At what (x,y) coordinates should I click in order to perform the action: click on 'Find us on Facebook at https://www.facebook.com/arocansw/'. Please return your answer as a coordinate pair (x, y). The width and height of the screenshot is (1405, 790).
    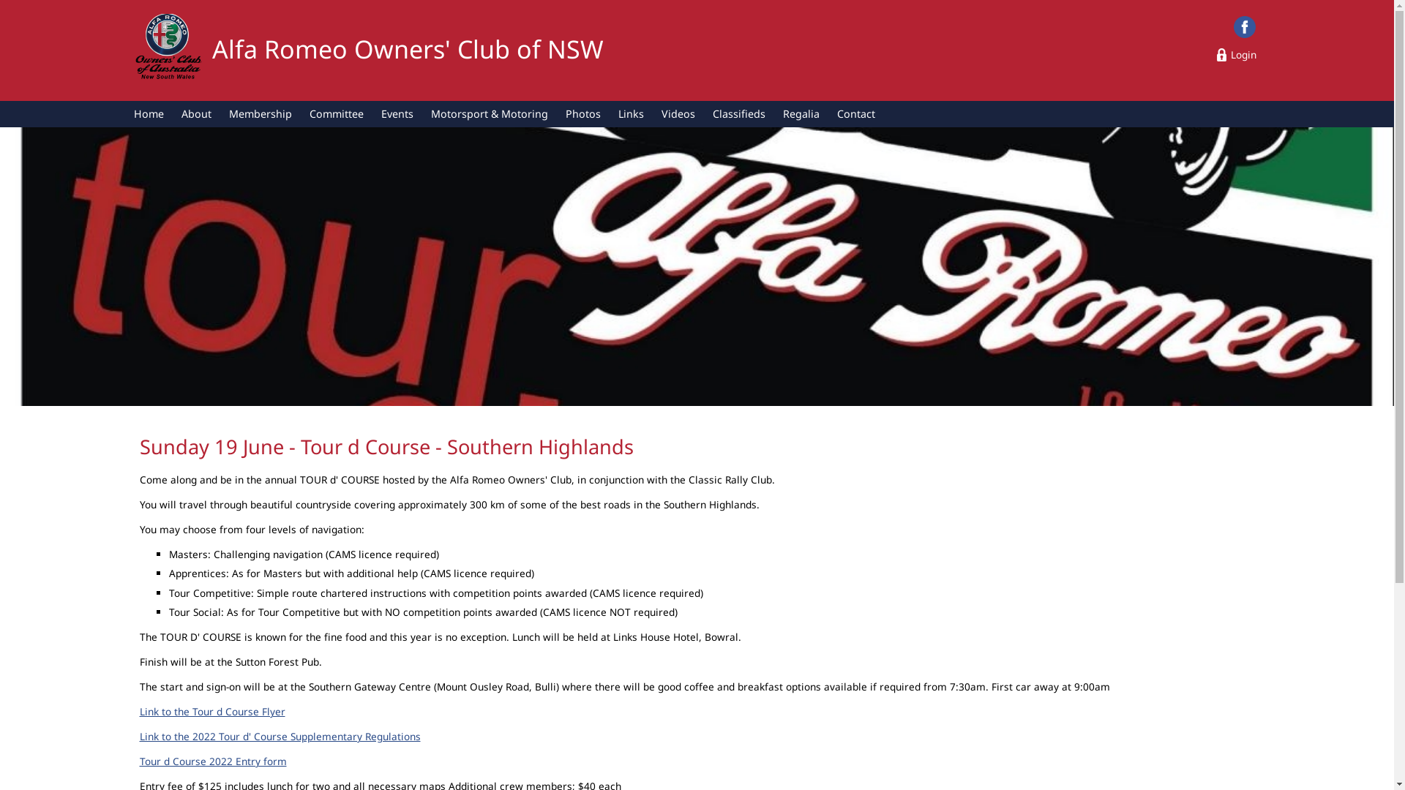
    Looking at the image, I should click on (1243, 27).